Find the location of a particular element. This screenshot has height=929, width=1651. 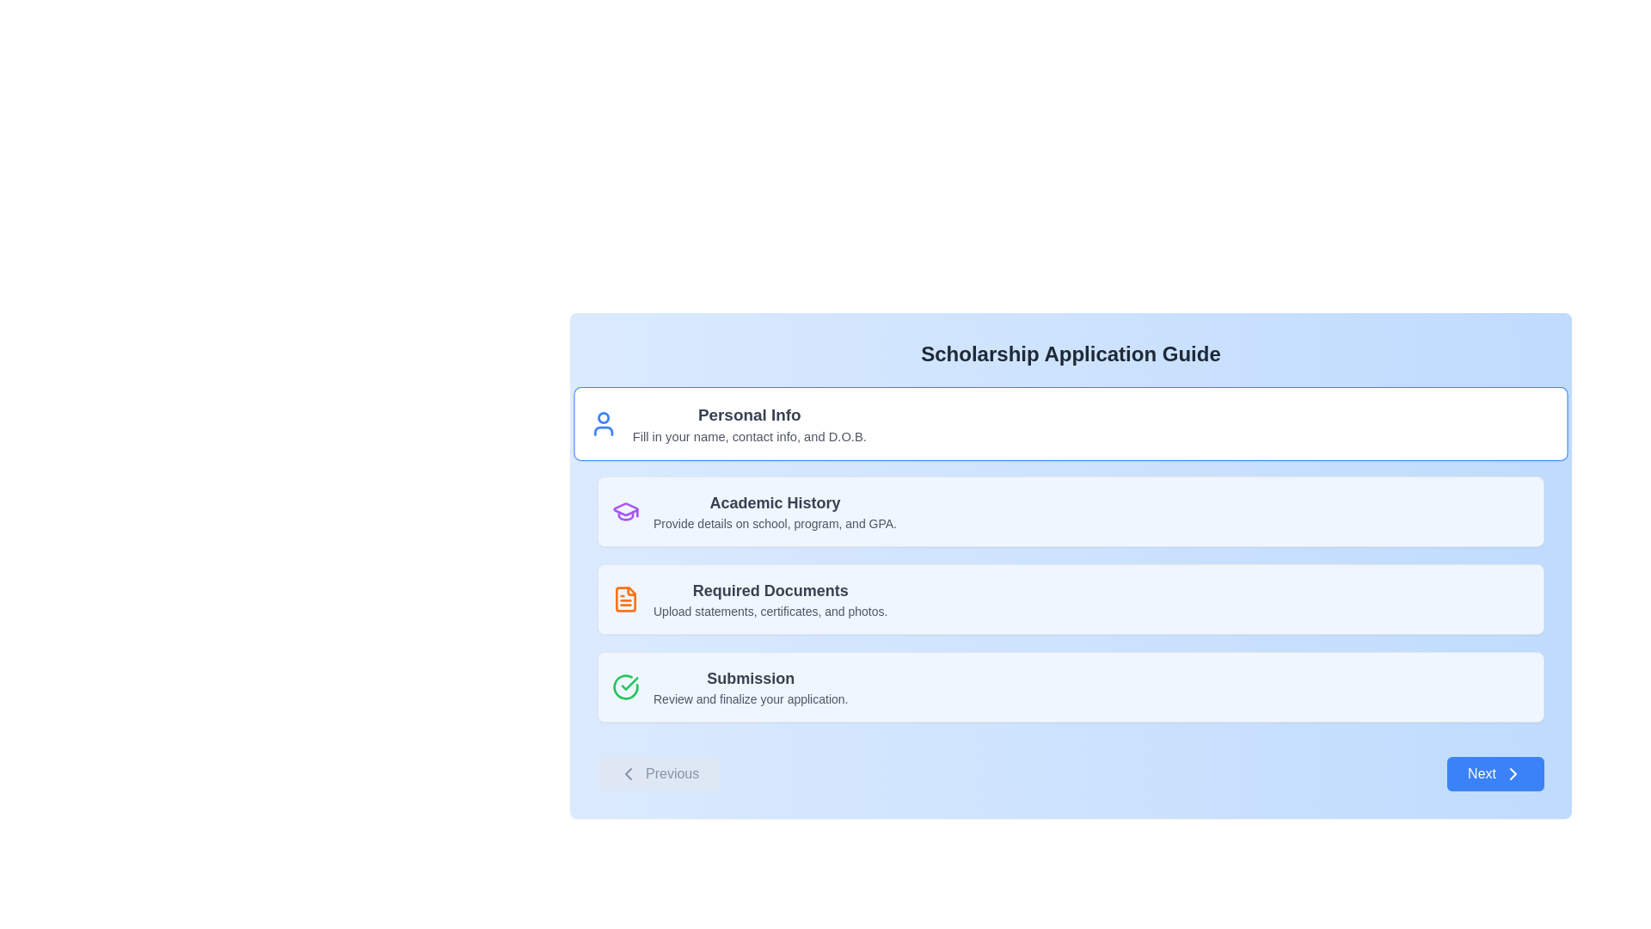

the circular green checkmark icon located in the 'Submission' section, positioned to the left of the text 'Submission' and its subtitle 'Review and finalize your application.' is located at coordinates (625, 686).